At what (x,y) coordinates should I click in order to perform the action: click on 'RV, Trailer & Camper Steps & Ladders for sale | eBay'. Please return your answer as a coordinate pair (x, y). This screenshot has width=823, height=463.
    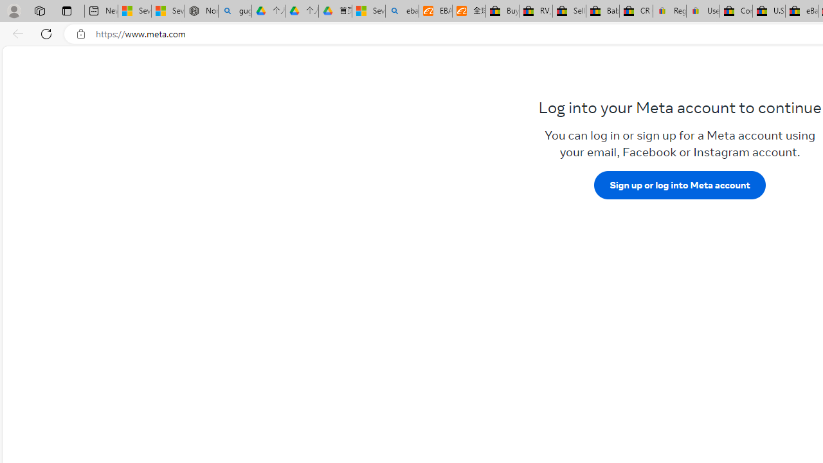
    Looking at the image, I should click on (536, 11).